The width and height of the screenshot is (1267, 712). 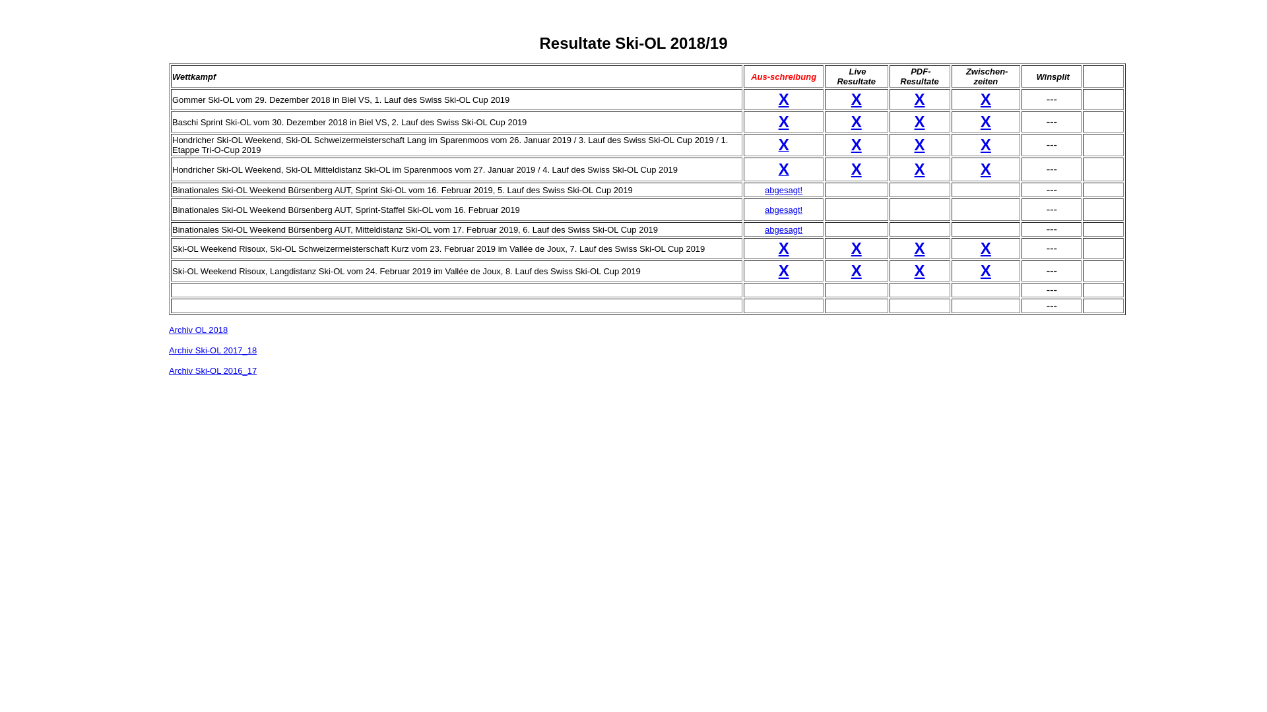 I want to click on 'X', so click(x=919, y=144).